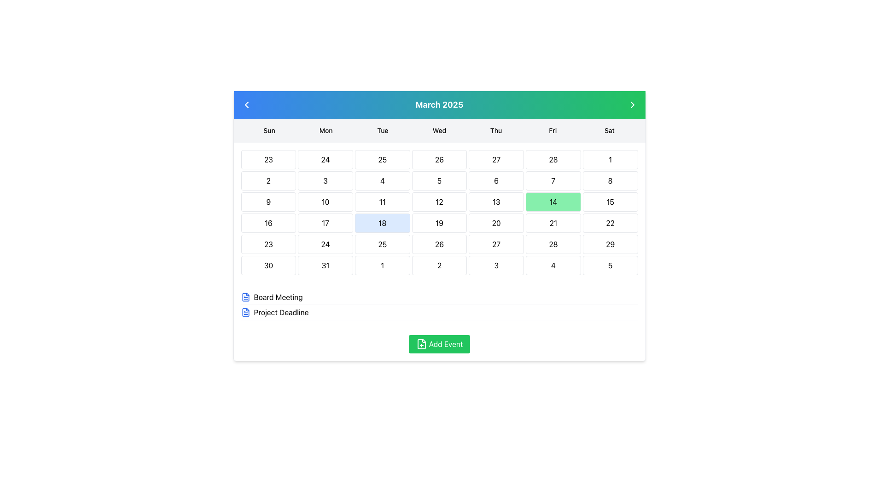 This screenshot has height=497, width=884. I want to click on the non-interactive date cell representing the 25th day, so click(382, 159).